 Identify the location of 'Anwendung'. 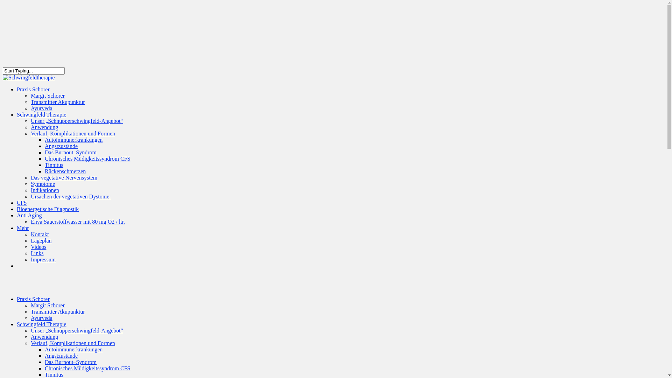
(44, 336).